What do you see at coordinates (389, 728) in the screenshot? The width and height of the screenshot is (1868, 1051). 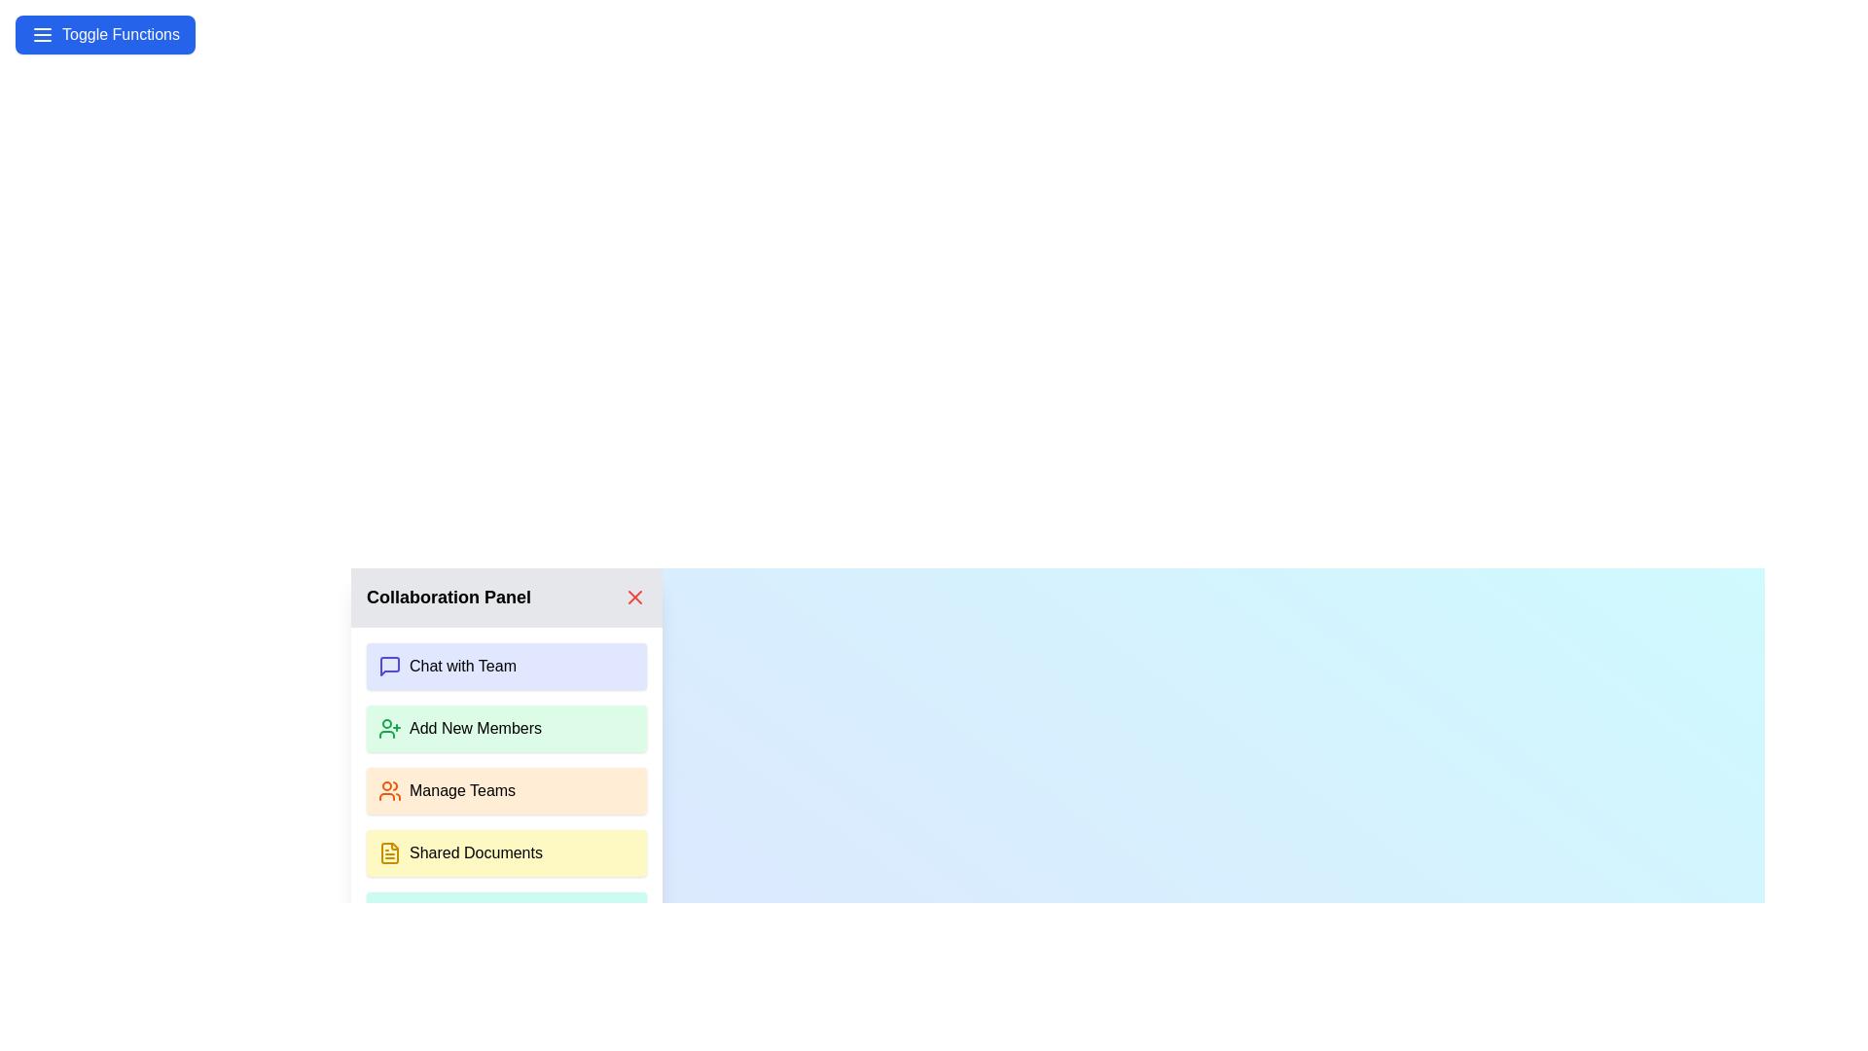 I see `the green user icon with a plus sign located just before the 'Add New Members' text` at bounding box center [389, 728].